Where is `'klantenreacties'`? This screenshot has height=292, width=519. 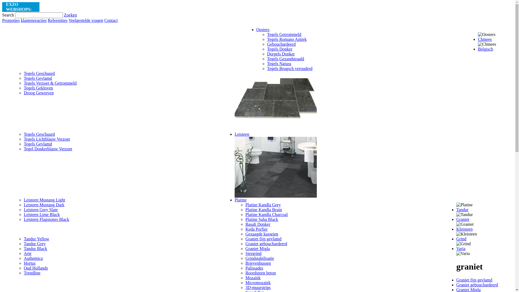
'klantenreacties' is located at coordinates (33, 20).